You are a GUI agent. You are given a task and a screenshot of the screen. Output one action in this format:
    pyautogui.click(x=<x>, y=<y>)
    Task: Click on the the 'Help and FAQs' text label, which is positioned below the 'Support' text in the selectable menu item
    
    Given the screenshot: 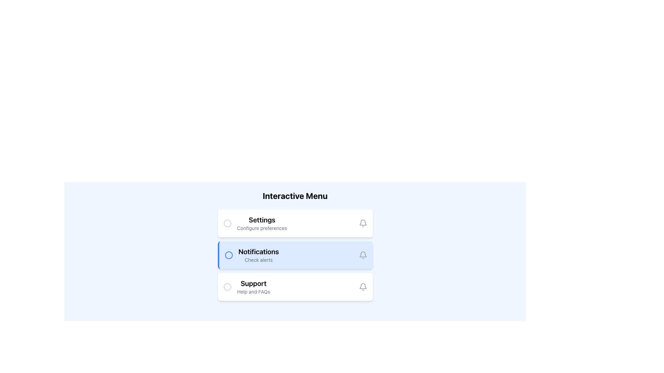 What is the action you would take?
    pyautogui.click(x=253, y=291)
    